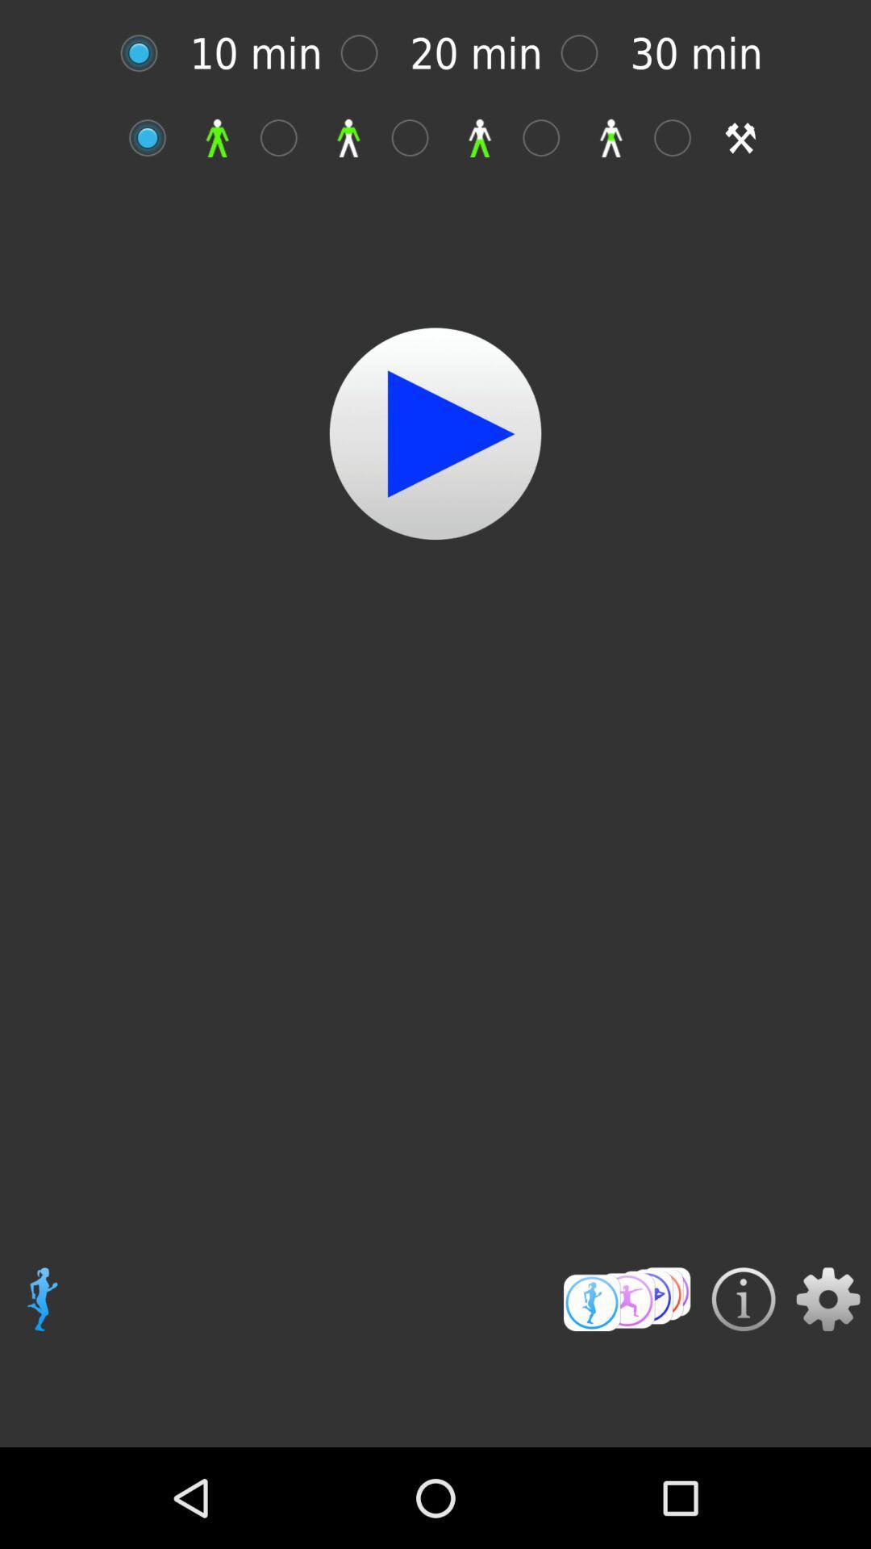  What do you see at coordinates (435, 433) in the screenshot?
I see `the music` at bounding box center [435, 433].